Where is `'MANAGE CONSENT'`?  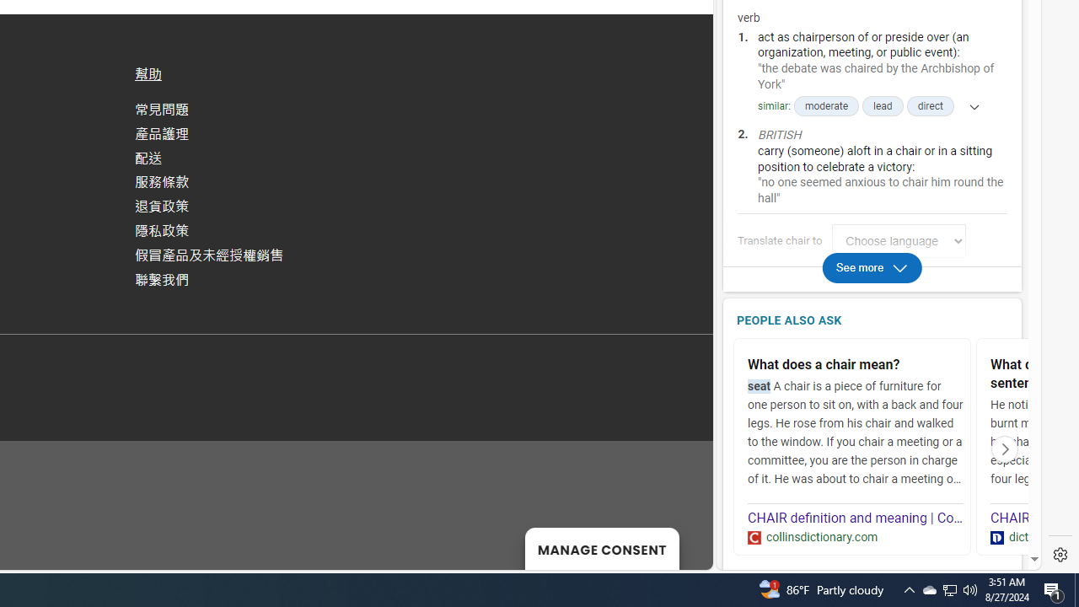
'MANAGE CONSENT' is located at coordinates (602, 548).